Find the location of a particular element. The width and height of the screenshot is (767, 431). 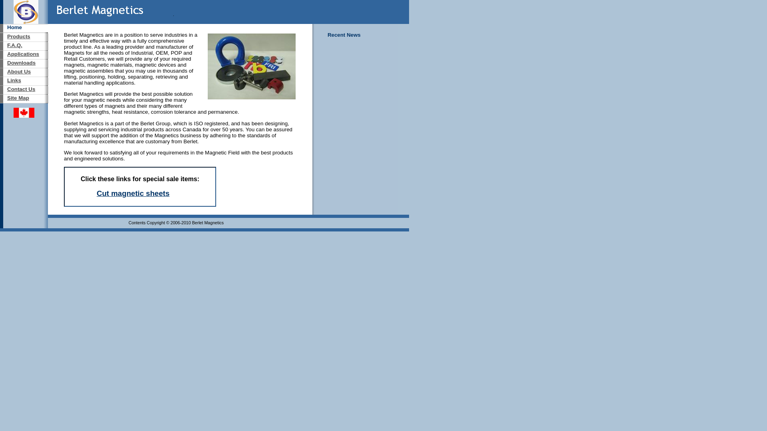

'Applications' is located at coordinates (23, 54).